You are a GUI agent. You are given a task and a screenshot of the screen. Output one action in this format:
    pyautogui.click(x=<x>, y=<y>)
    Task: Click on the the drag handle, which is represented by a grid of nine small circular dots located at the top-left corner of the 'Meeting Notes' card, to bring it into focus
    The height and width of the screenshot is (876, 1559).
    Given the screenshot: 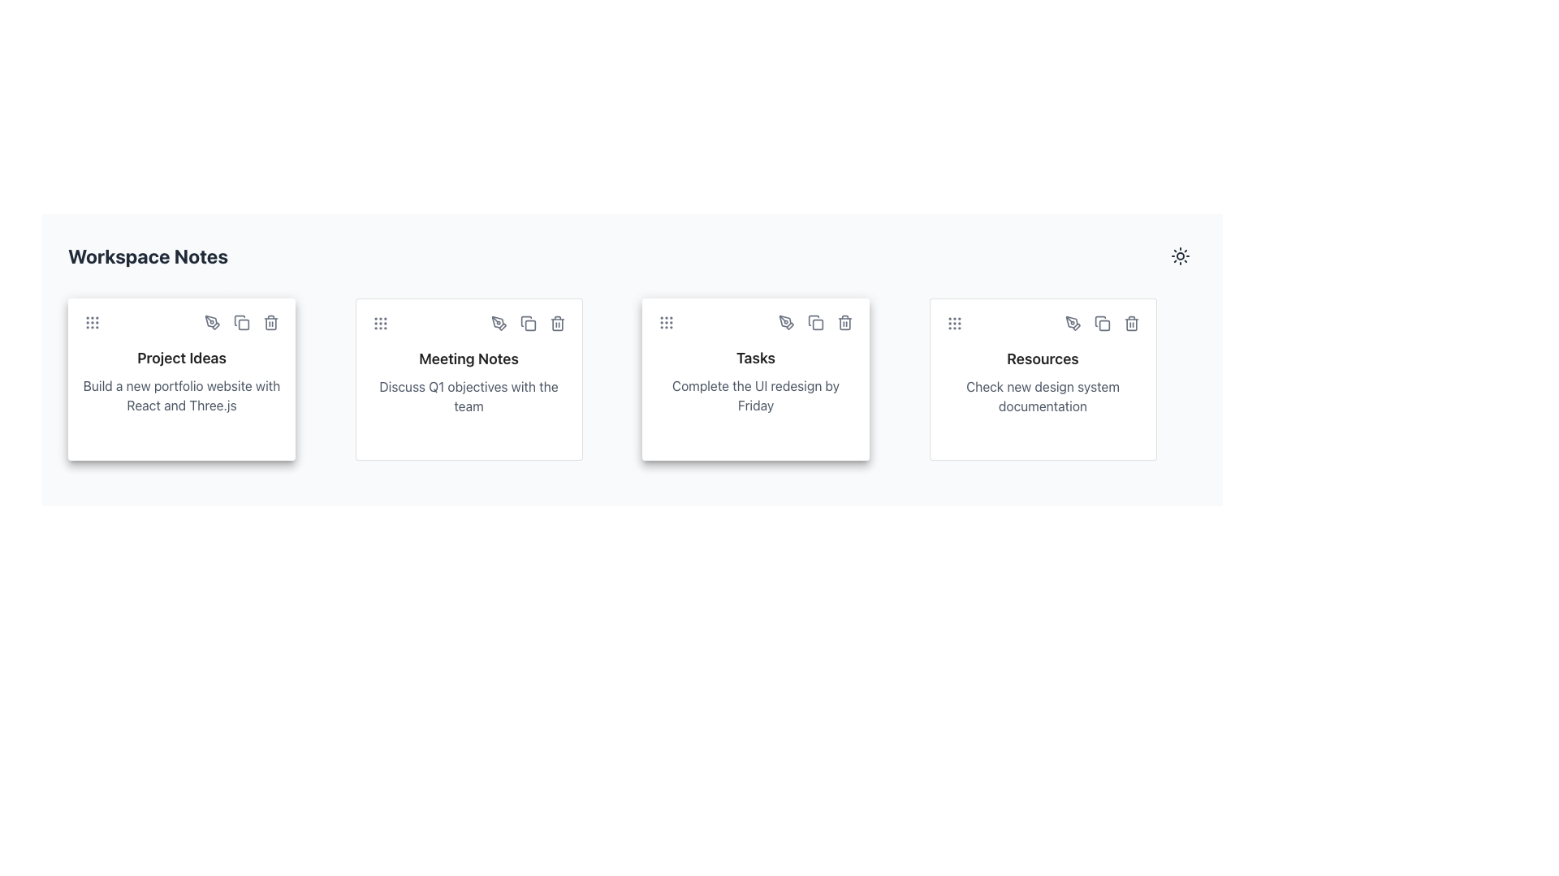 What is the action you would take?
    pyautogui.click(x=379, y=323)
    